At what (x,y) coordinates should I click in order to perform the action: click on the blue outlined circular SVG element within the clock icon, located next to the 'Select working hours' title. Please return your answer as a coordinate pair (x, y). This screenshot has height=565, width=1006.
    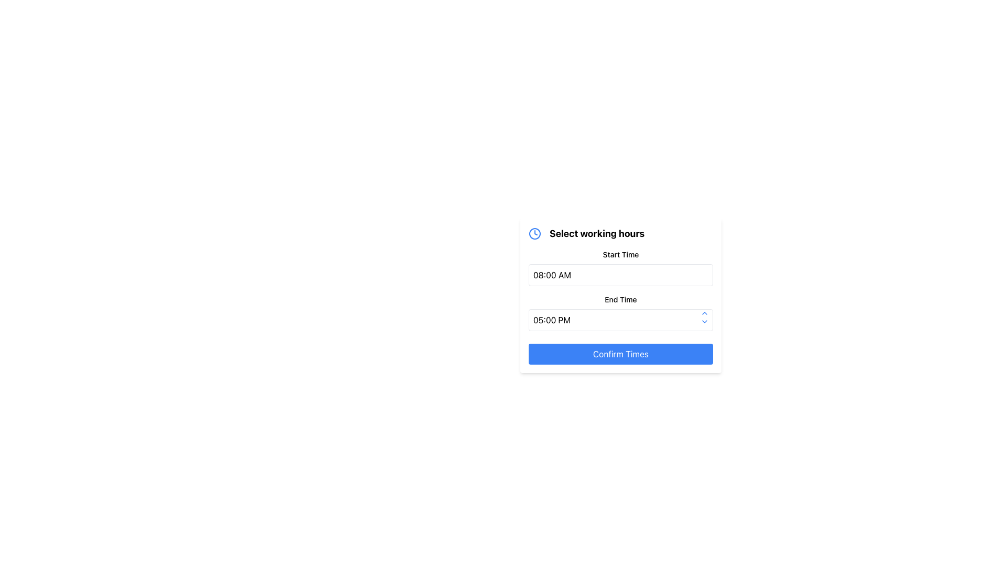
    Looking at the image, I should click on (535, 233).